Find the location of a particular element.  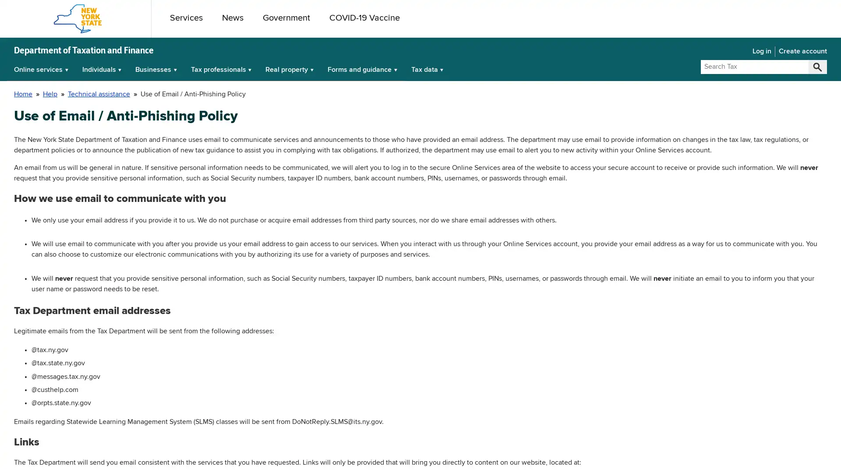

Search Tax is located at coordinates (817, 67).